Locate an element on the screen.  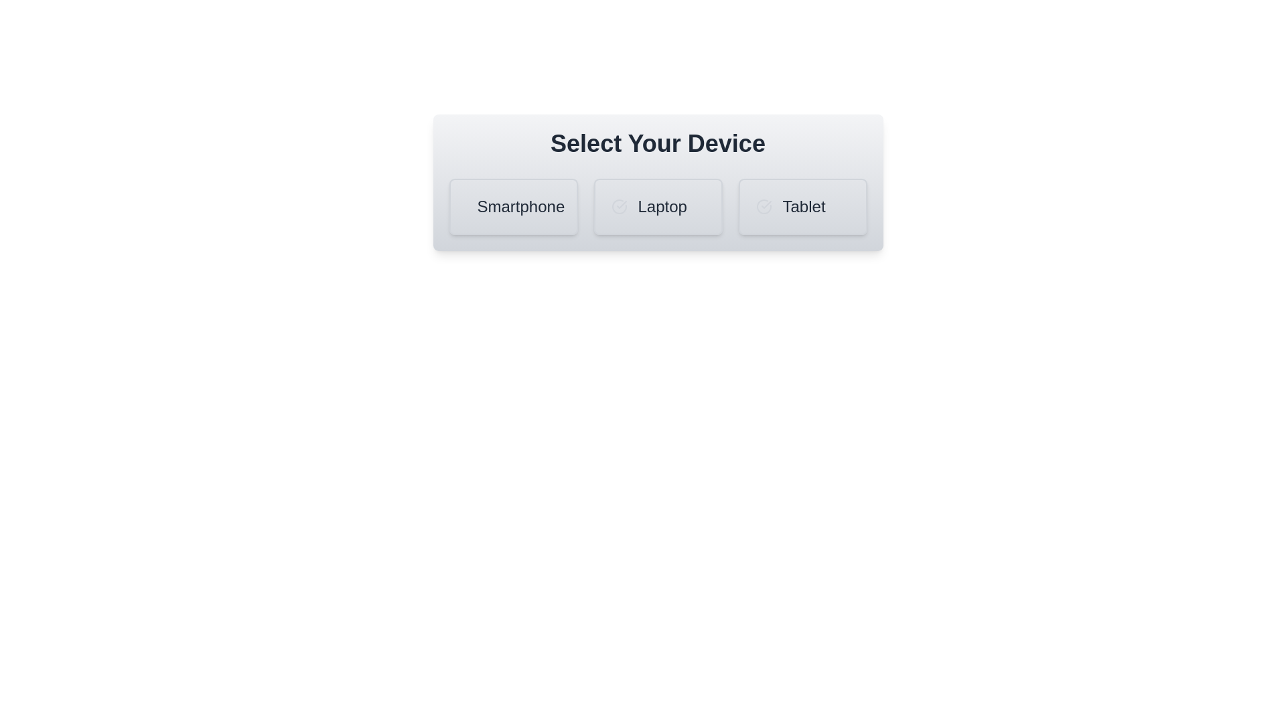
the checkmark icon located to the right side of the user interface, adjacent to the 'Tablet' label, which serves as a visual indicator of selection or affirmation is located at coordinates (766, 204).